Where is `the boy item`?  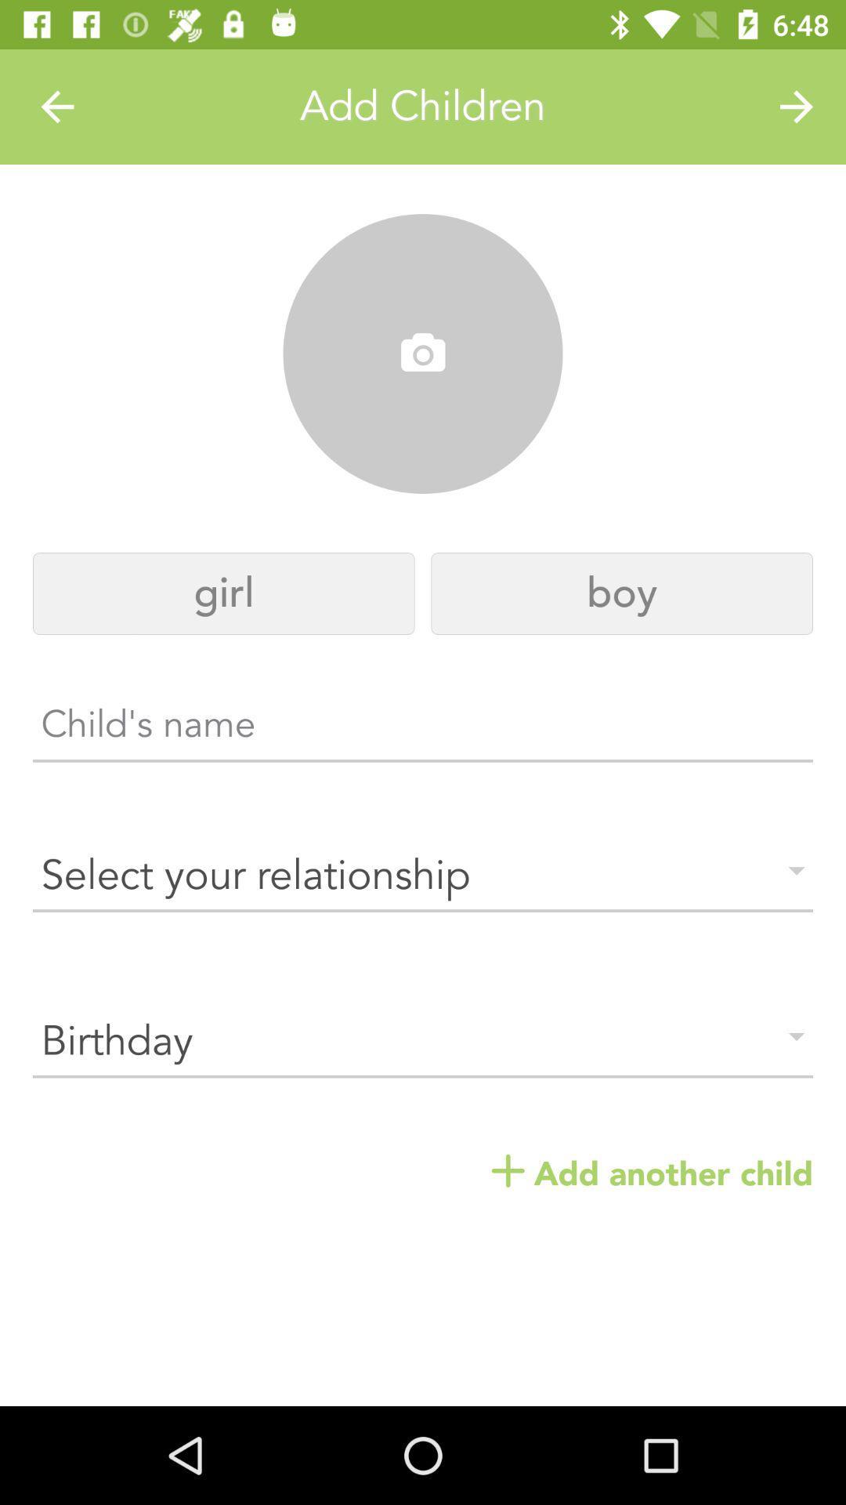
the boy item is located at coordinates (621, 593).